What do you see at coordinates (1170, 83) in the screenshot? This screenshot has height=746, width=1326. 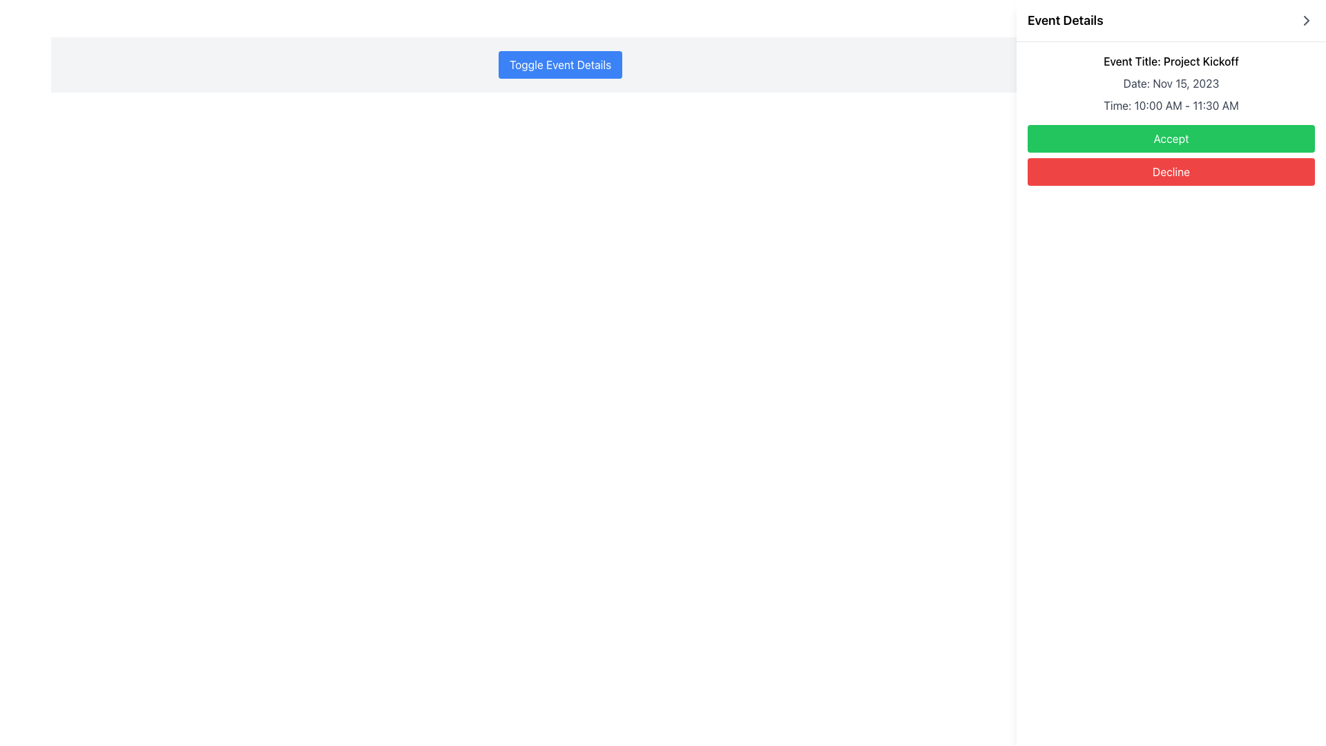 I see `the Text Label displaying 'Date: Nov 15, 2023', which is centrally aligned within the right-side panel under the 'Event Details' heading` at bounding box center [1170, 83].